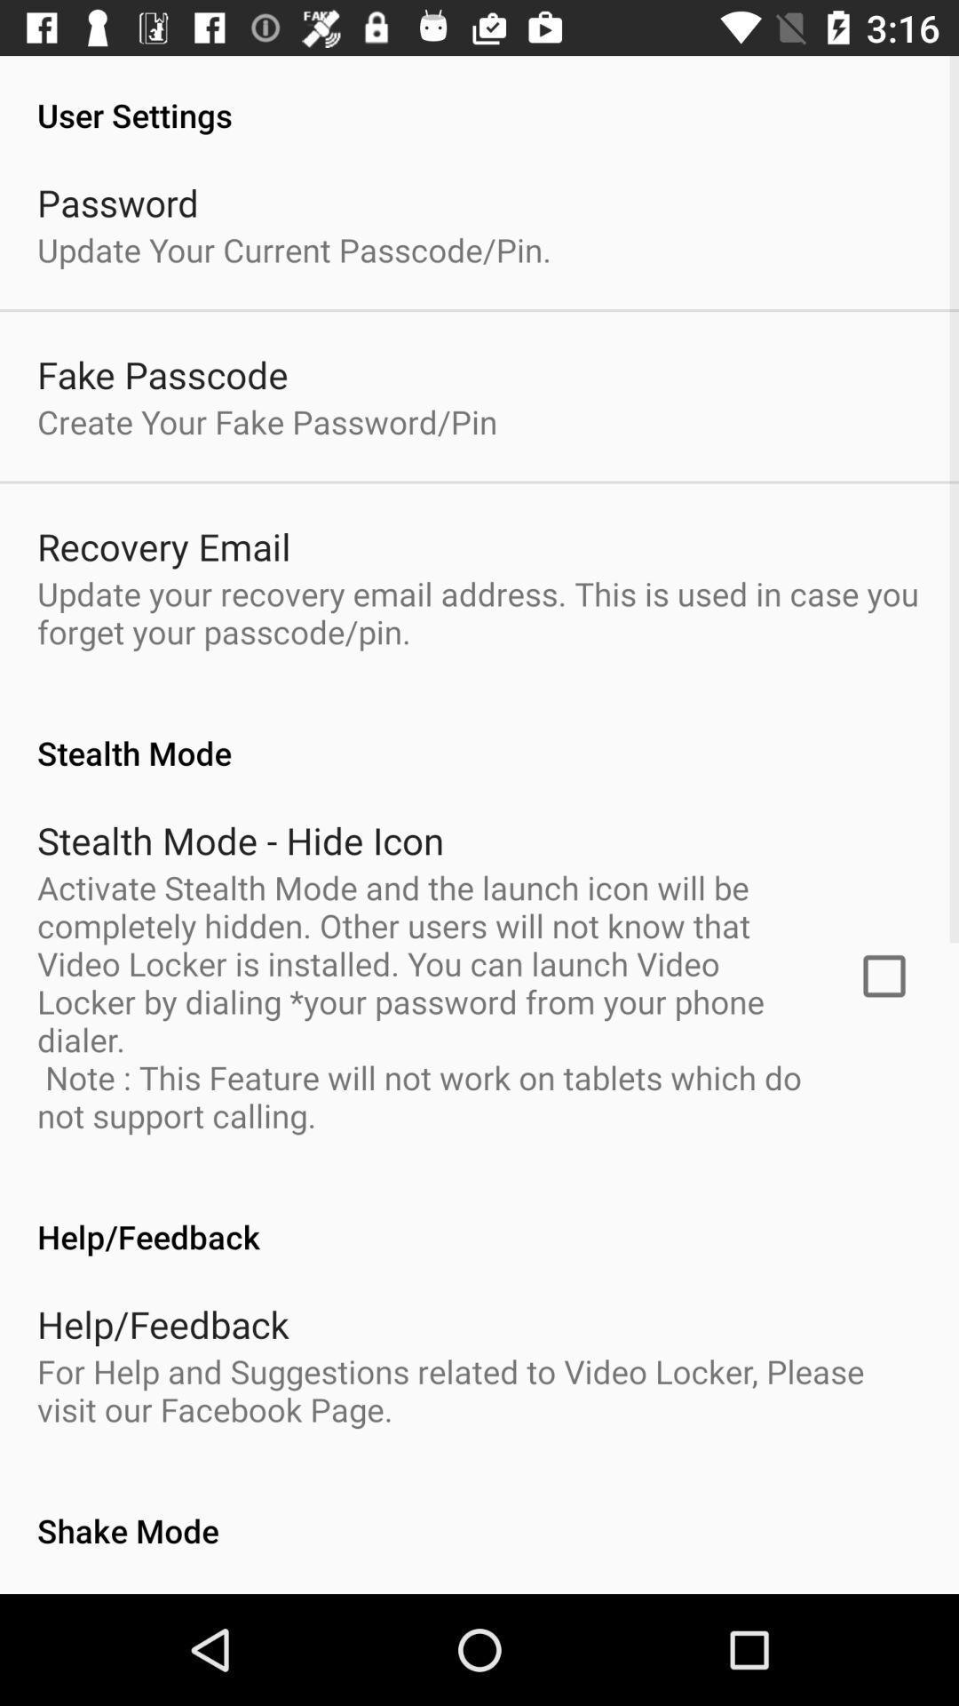  Describe the element at coordinates (479, 1389) in the screenshot. I see `the for help and item` at that location.